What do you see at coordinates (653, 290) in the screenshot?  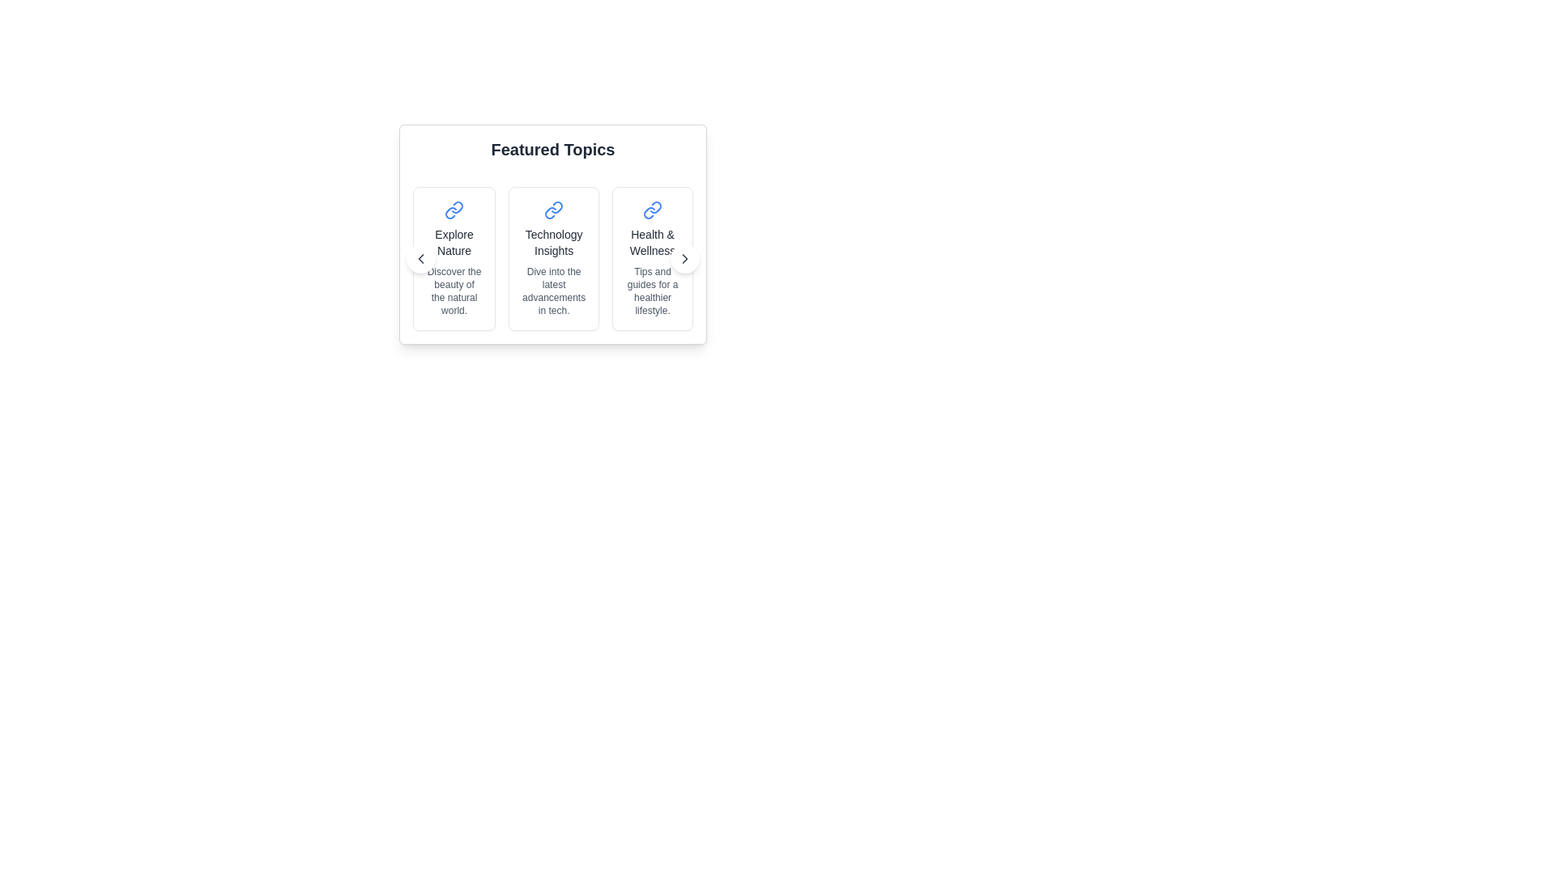 I see `the text label that reads 'Tips and guides for a healthier lifestyle', which is located under the title 'Health & Wellness' in the third card under 'Featured Topics'` at bounding box center [653, 290].